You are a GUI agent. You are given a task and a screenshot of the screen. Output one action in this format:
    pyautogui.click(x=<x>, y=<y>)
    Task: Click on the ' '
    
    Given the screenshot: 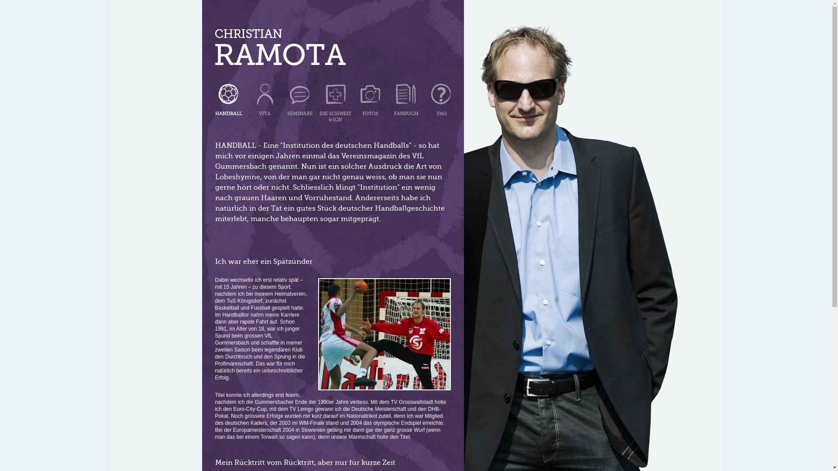 What is the action you would take?
    pyautogui.click(x=371, y=97)
    